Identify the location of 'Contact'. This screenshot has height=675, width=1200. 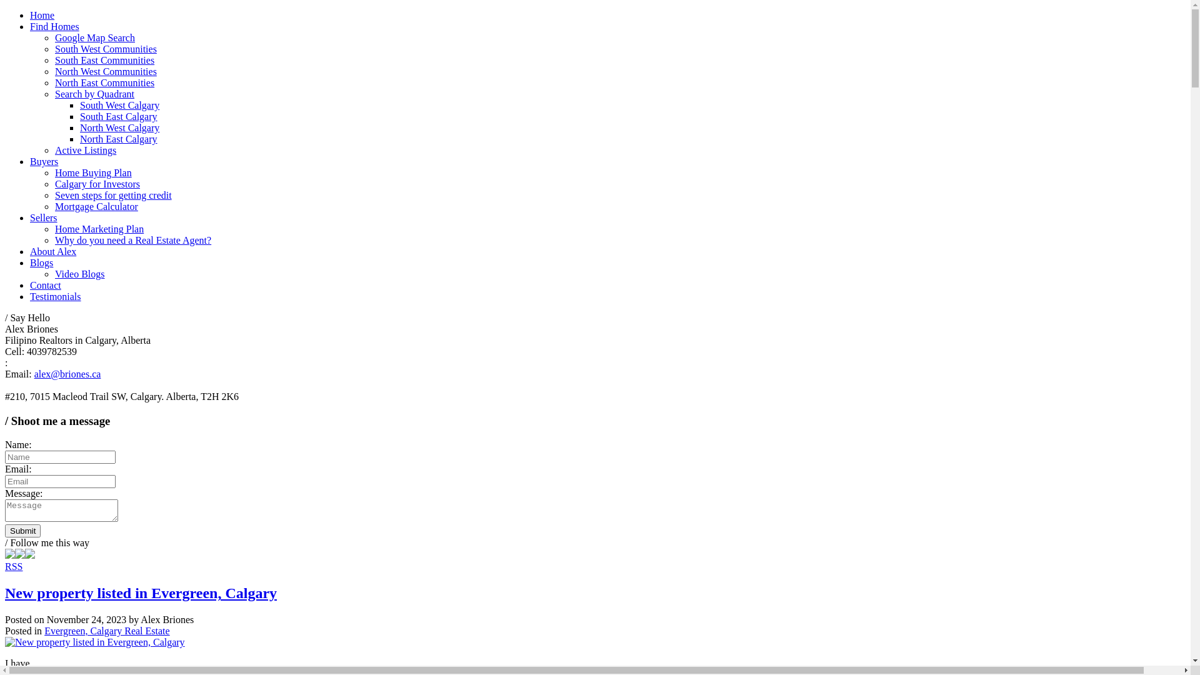
(30, 285).